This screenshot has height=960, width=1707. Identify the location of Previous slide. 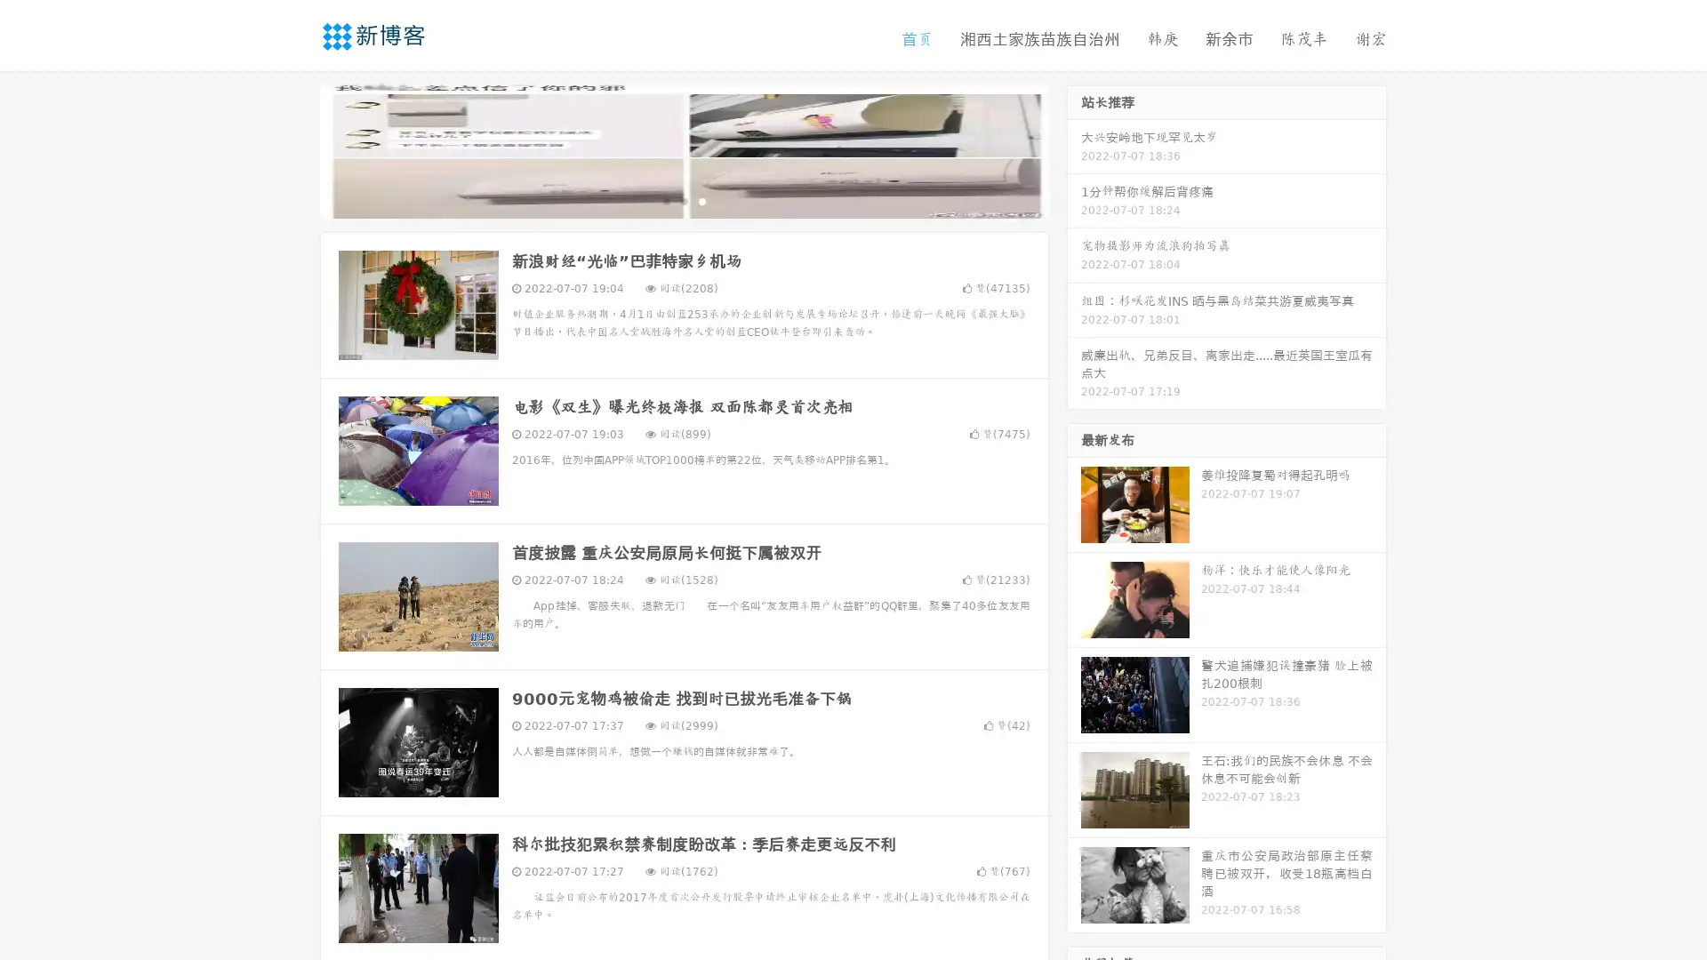
(293, 149).